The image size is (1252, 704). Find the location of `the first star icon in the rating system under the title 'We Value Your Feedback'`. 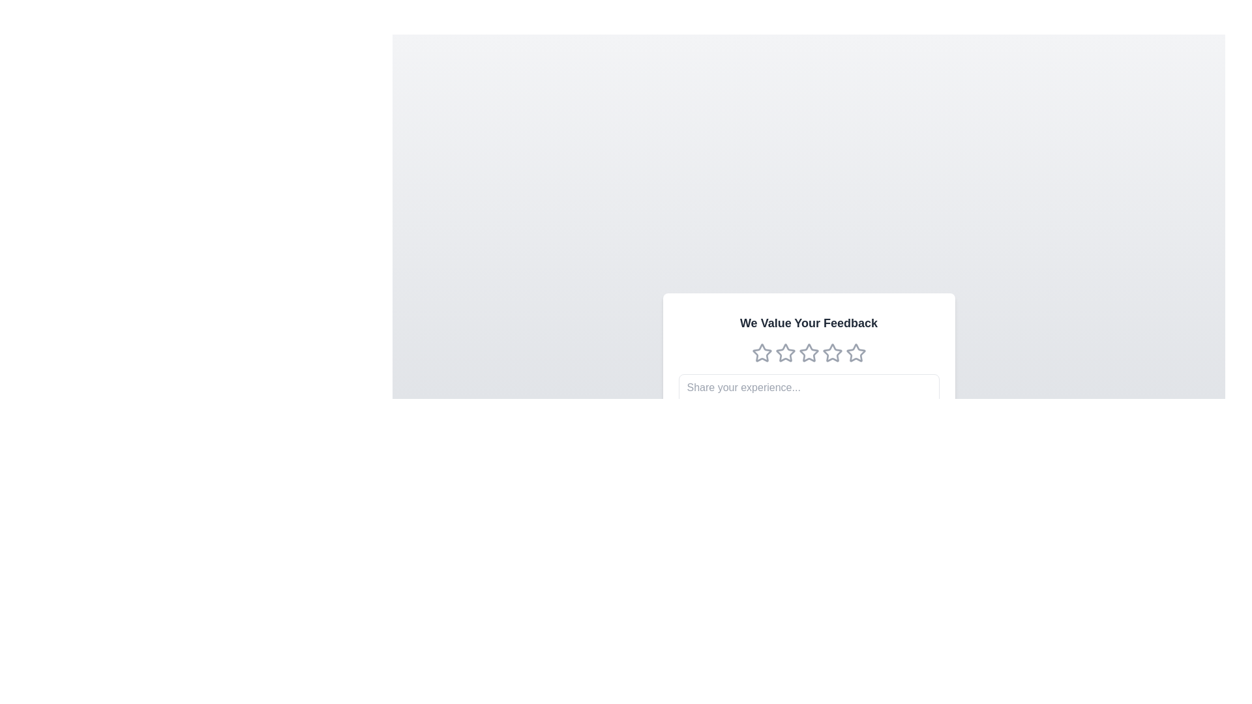

the first star icon in the rating system under the title 'We Value Your Feedback' is located at coordinates (761, 352).